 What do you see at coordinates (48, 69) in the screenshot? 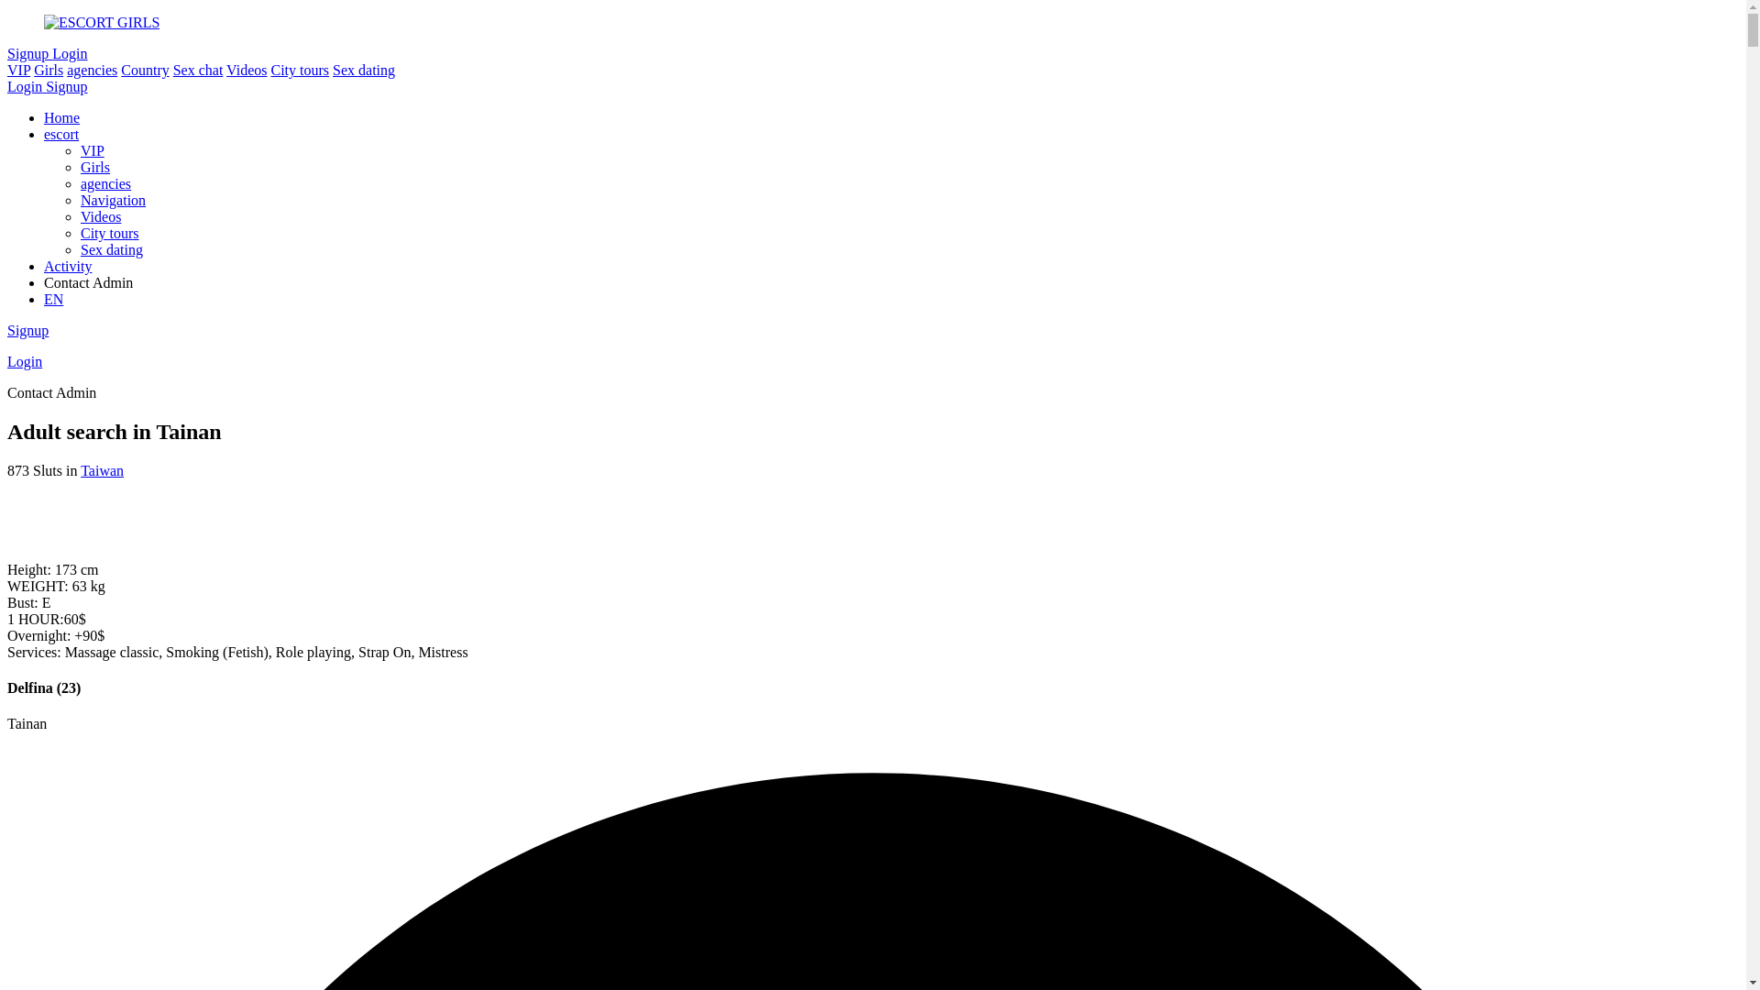
I see `'Girls'` at bounding box center [48, 69].